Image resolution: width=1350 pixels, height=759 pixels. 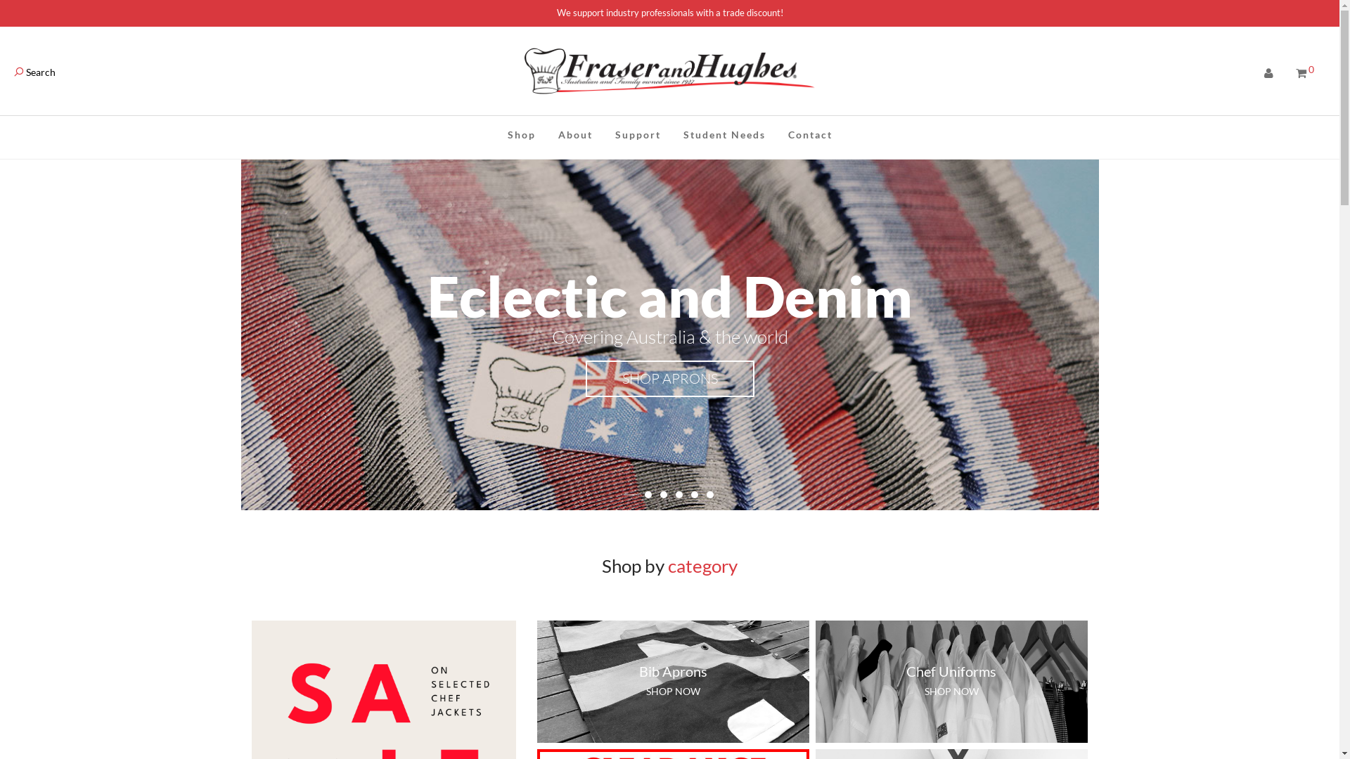 I want to click on '0', so click(x=1304, y=73).